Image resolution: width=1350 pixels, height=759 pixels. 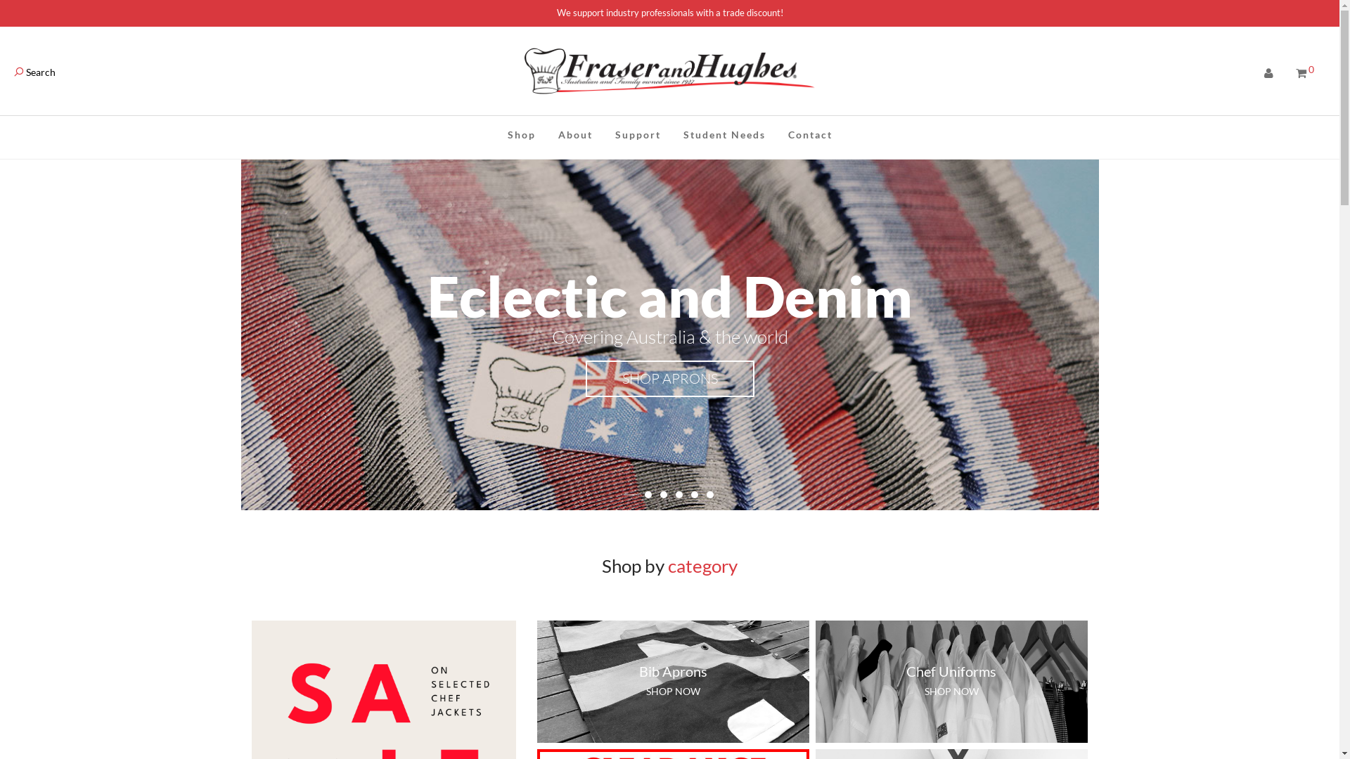 I want to click on '0', so click(x=1304, y=73).